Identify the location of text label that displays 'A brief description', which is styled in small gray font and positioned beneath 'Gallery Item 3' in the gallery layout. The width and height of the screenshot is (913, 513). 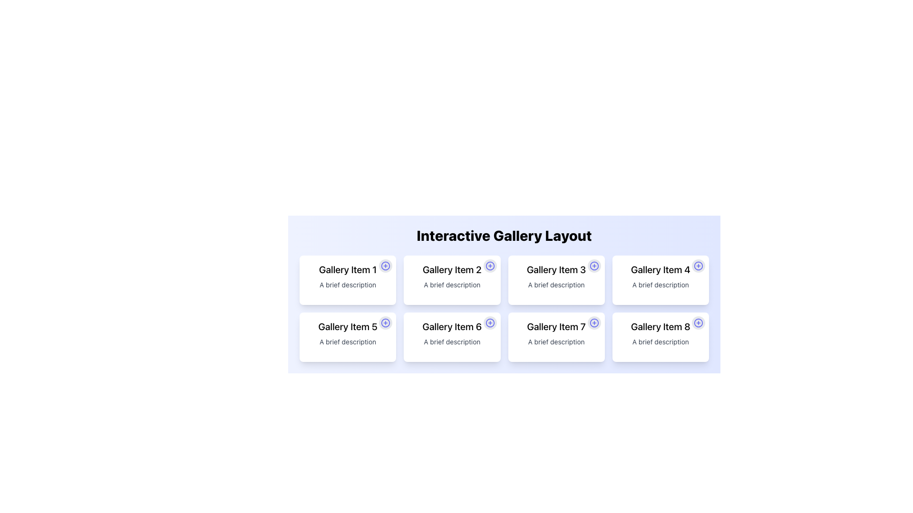
(556, 285).